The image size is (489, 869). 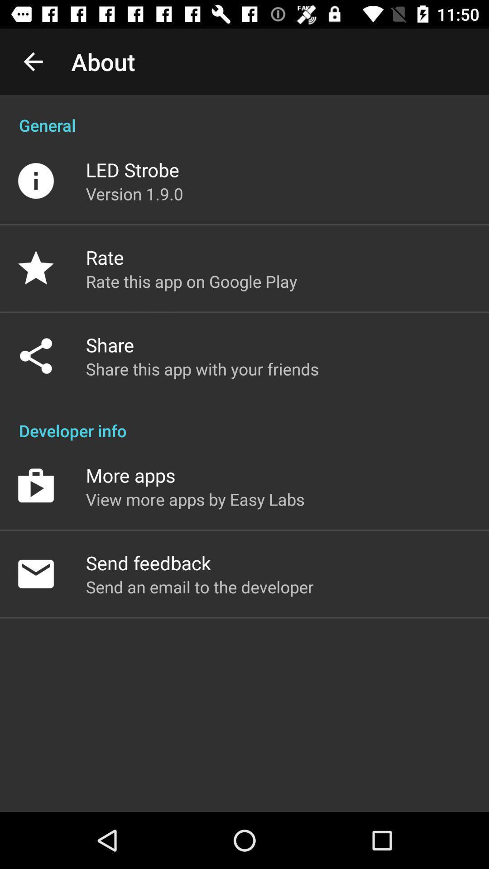 What do you see at coordinates (244, 115) in the screenshot?
I see `app above the led strobe app` at bounding box center [244, 115].